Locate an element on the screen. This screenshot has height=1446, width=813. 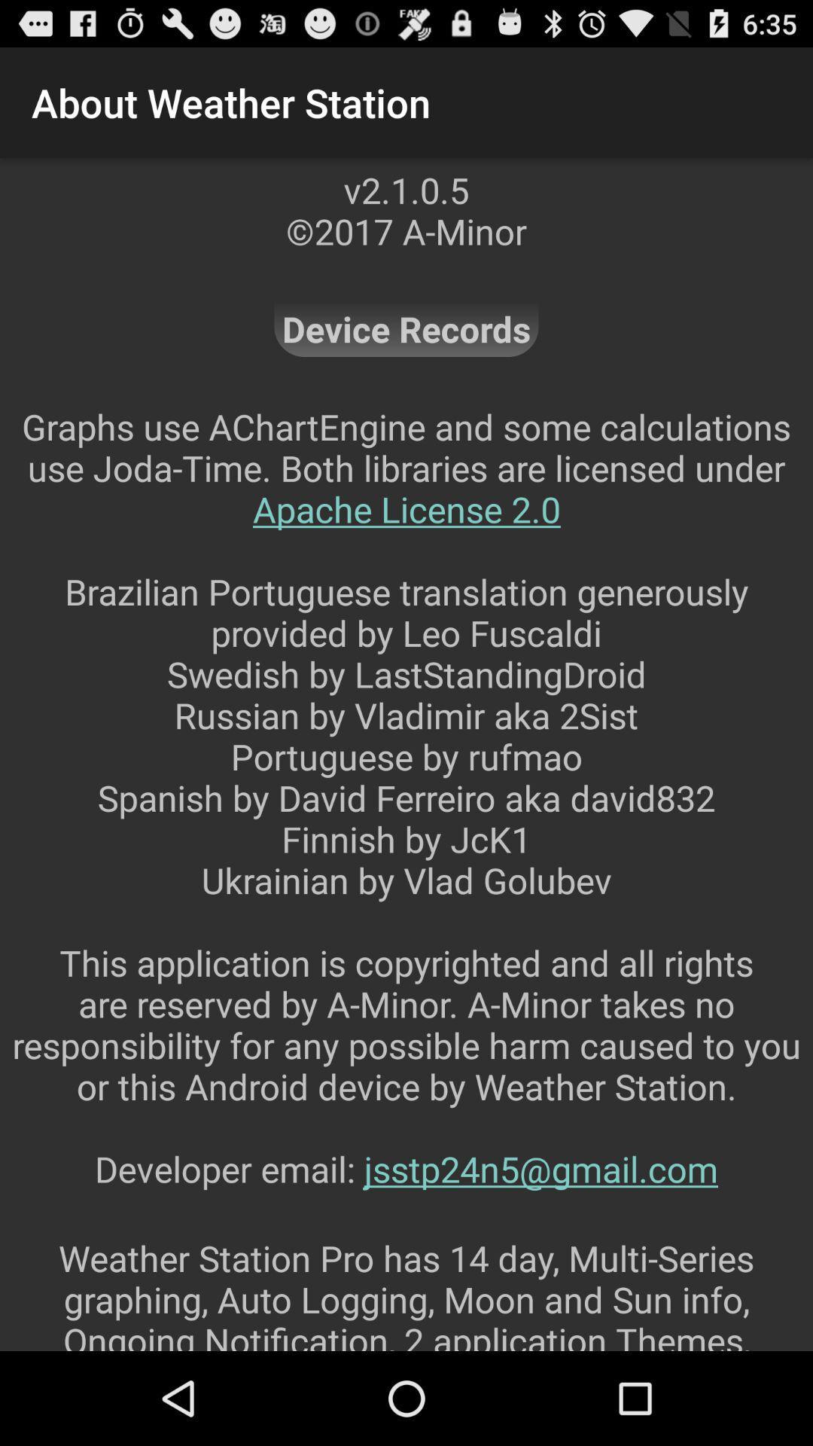
device records item is located at coordinates (406, 328).